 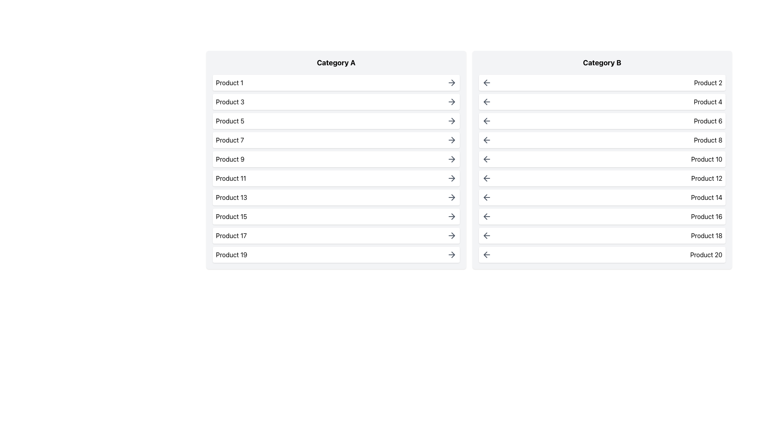 What do you see at coordinates (336, 139) in the screenshot?
I see `the list item representing 'Product 7', which is the fourth item in the 'Category A' column, located between 'Product 5' and 'Product 9'` at bounding box center [336, 139].